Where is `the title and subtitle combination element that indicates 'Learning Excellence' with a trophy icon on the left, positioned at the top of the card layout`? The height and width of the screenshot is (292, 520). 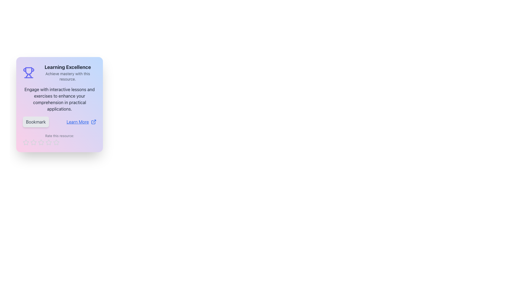 the title and subtitle combination element that indicates 'Learning Excellence' with a trophy icon on the left, positioned at the top of the card layout is located at coordinates (60, 72).